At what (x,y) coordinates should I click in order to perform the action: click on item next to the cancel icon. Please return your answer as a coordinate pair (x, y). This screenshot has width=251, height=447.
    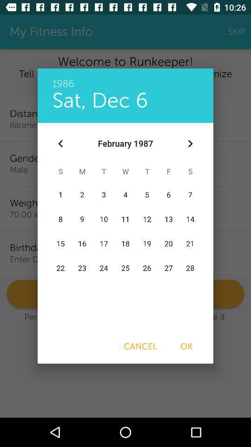
    Looking at the image, I should click on (186, 346).